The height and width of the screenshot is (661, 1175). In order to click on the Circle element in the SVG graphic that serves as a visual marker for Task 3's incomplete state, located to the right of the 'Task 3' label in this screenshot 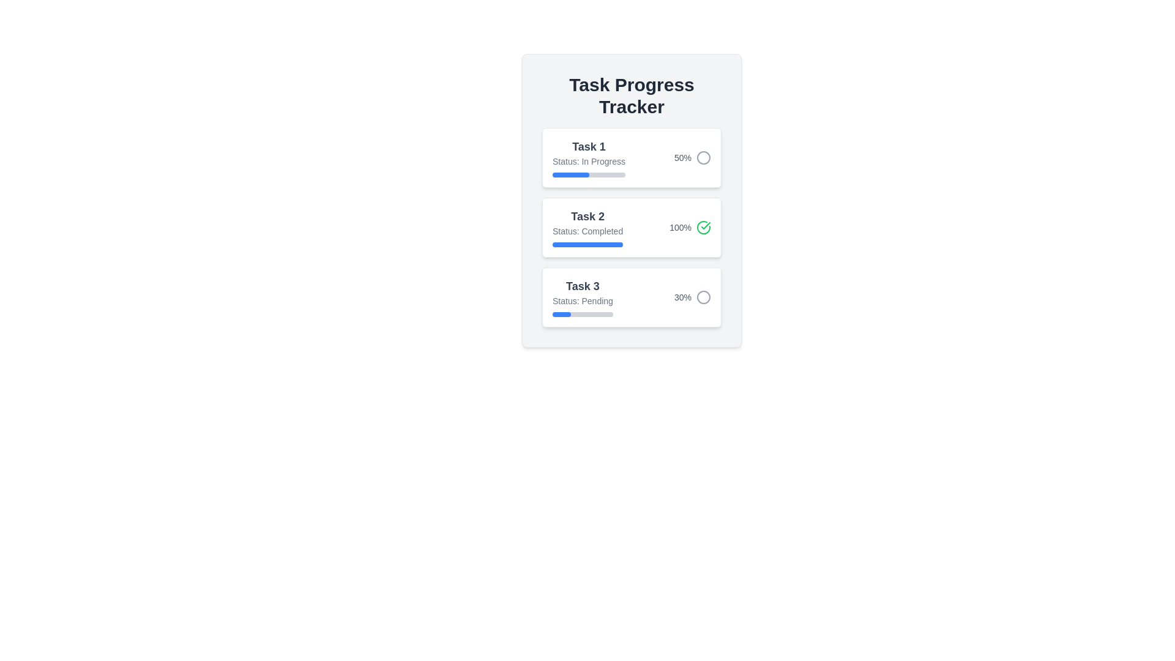, I will do `click(704, 297)`.